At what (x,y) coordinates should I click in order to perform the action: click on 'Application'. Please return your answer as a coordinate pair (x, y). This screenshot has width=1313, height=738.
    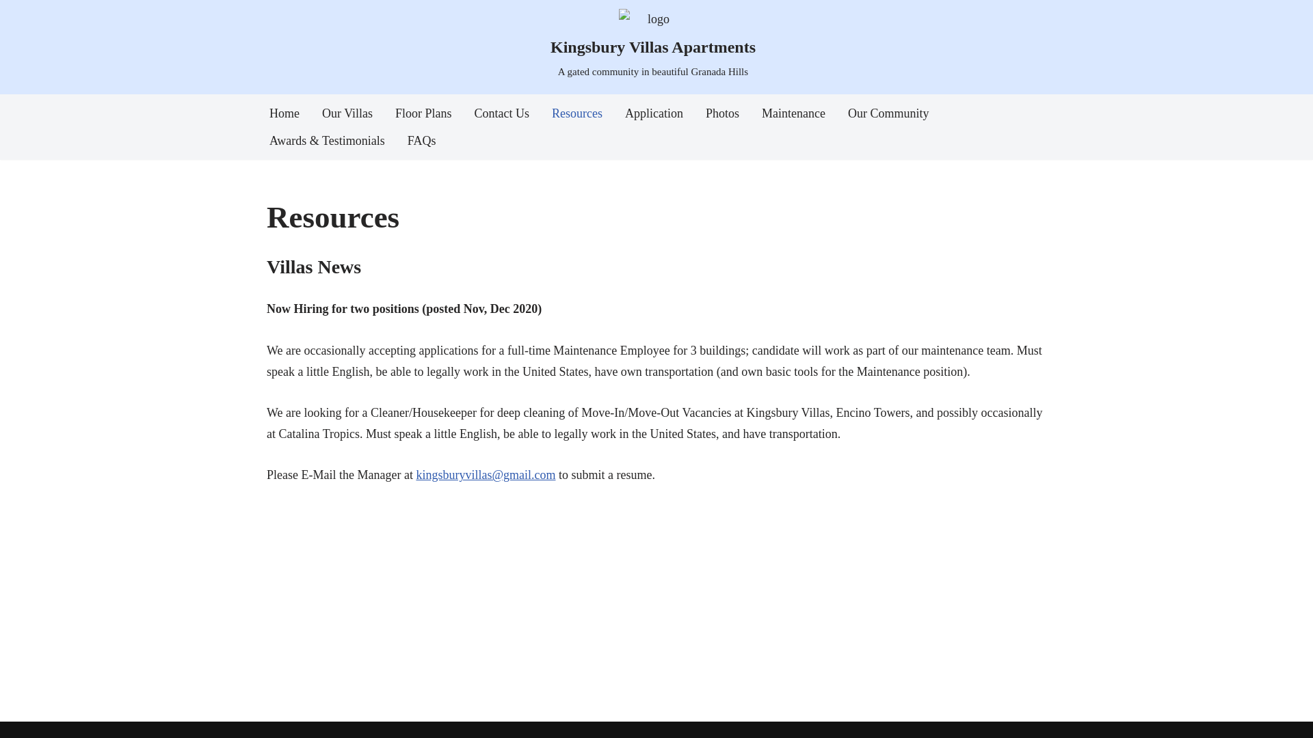
    Looking at the image, I should click on (653, 112).